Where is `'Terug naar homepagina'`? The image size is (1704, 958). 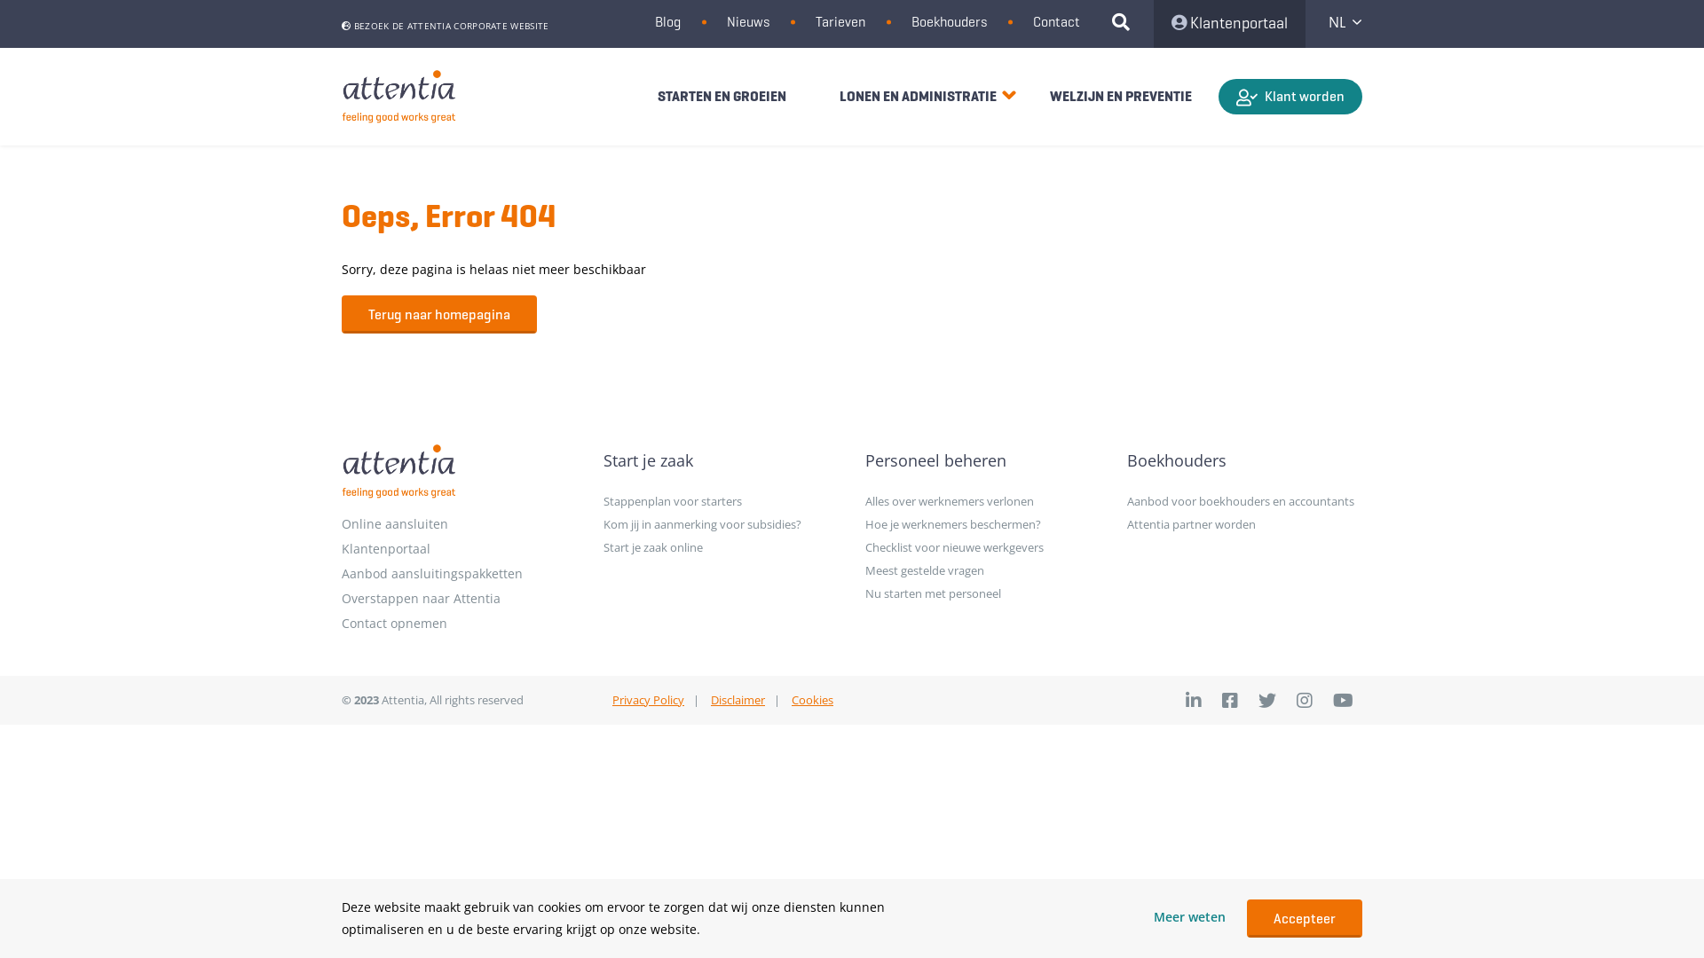
'Terug naar homepagina' is located at coordinates (438, 313).